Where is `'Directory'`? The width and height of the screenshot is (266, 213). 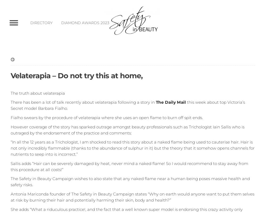 'Directory' is located at coordinates (41, 23).